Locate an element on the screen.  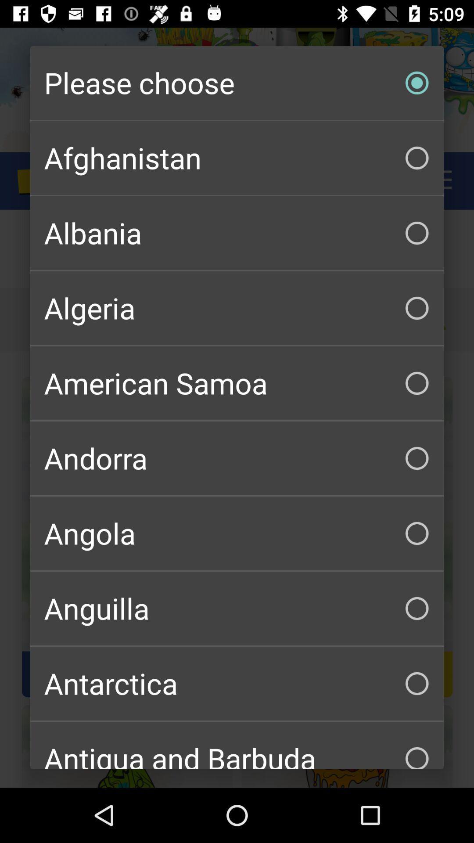
the afghanistan checkbox is located at coordinates (237, 158).